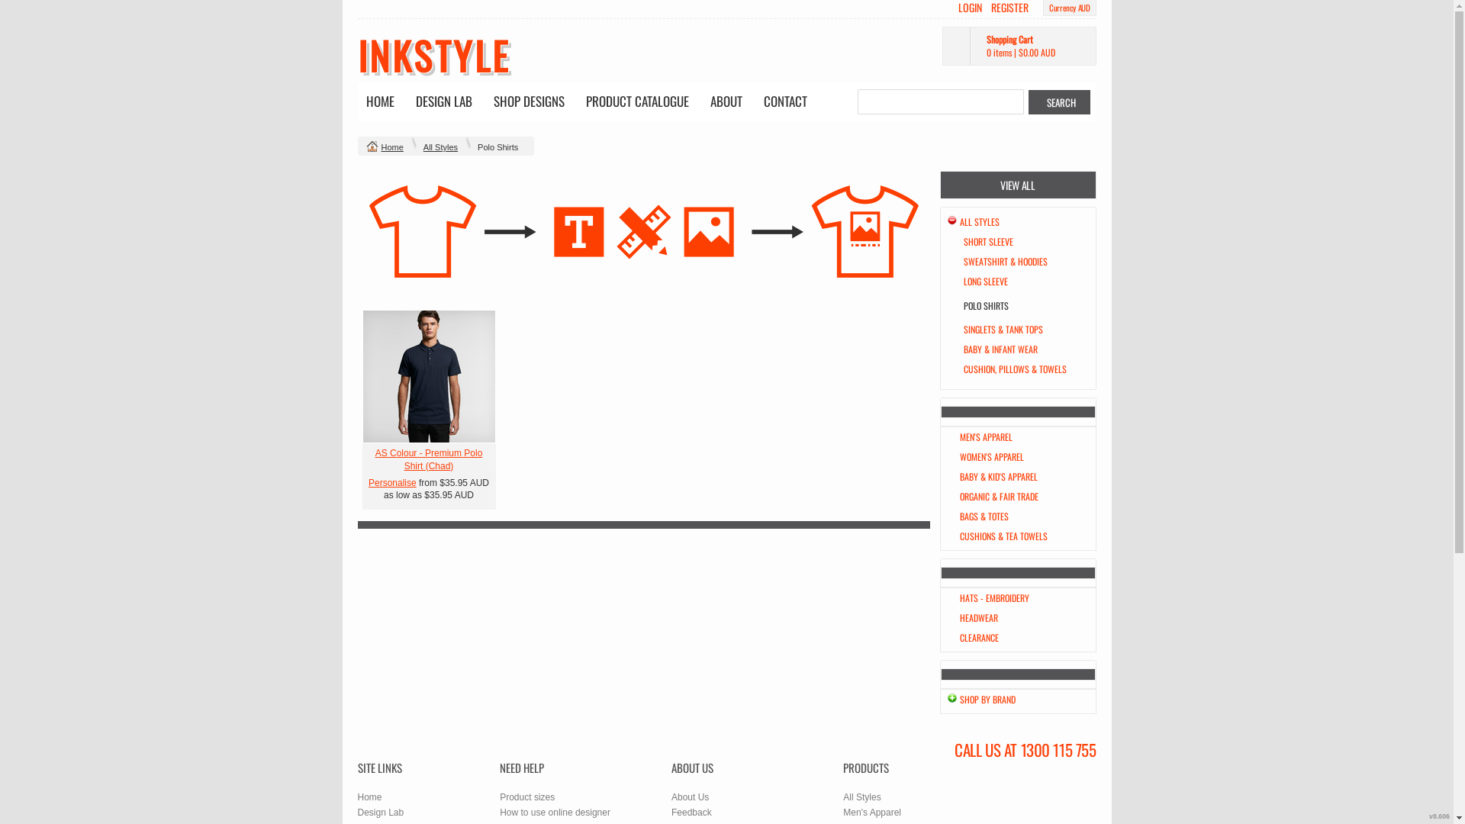  I want to click on 'Feedback', so click(691, 811).